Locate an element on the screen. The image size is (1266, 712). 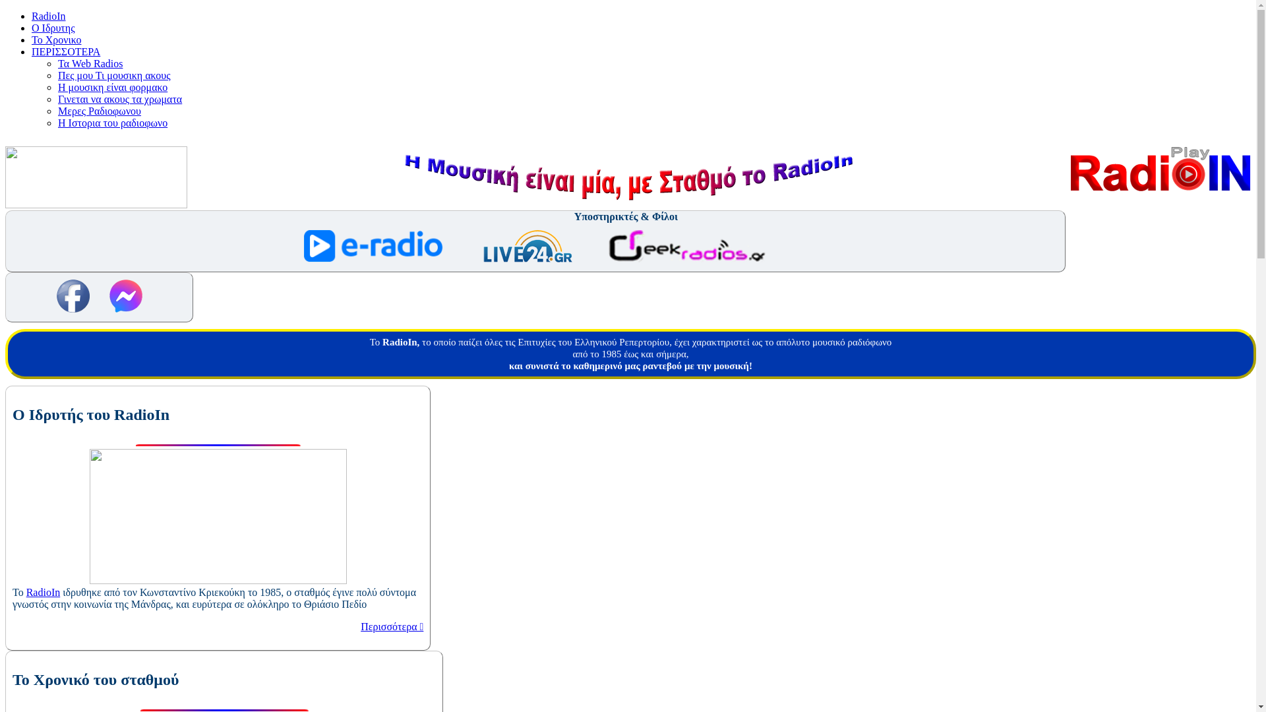
'RadioIn' is located at coordinates (48, 16).